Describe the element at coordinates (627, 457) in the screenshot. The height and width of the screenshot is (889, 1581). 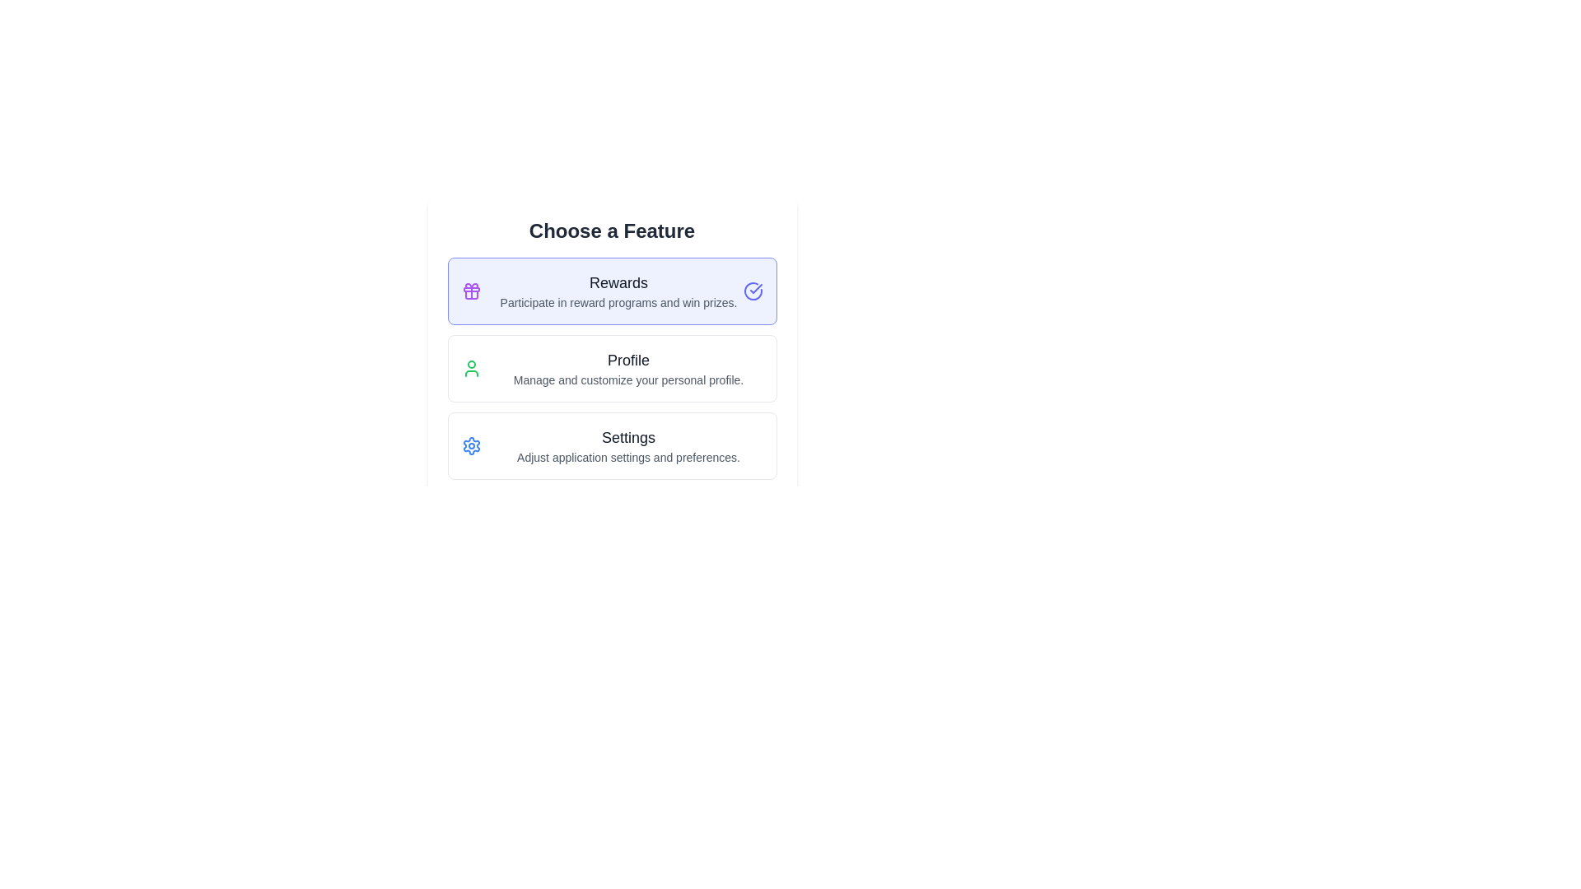
I see `the small gray text label that reads 'Adjust application settings and preferences.' located below the 'Settings' title` at that location.